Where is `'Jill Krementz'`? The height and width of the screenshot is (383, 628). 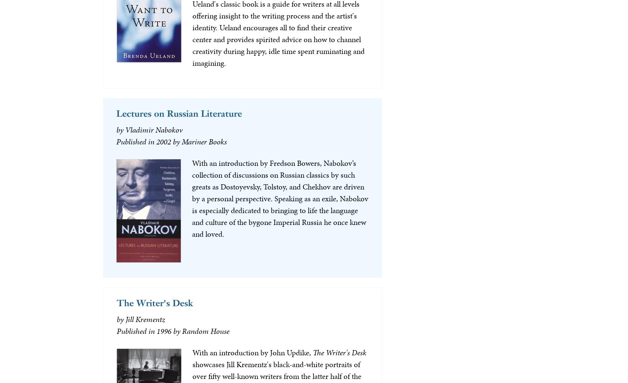 'Jill Krementz' is located at coordinates (144, 319).